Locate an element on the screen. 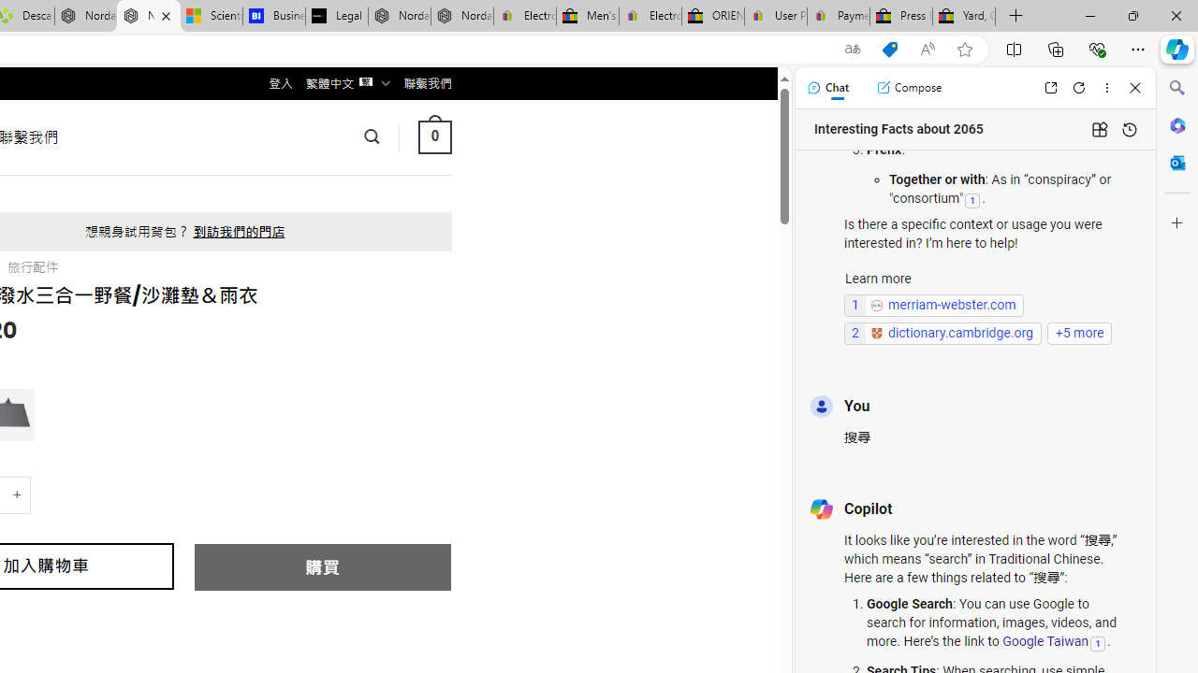  'Show translate options' is located at coordinates (851, 49).